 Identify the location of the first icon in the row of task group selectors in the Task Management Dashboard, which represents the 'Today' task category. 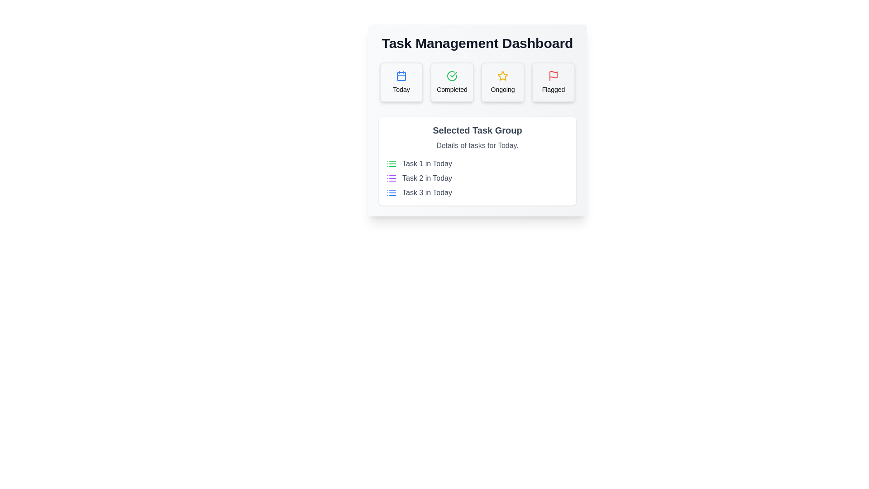
(401, 76).